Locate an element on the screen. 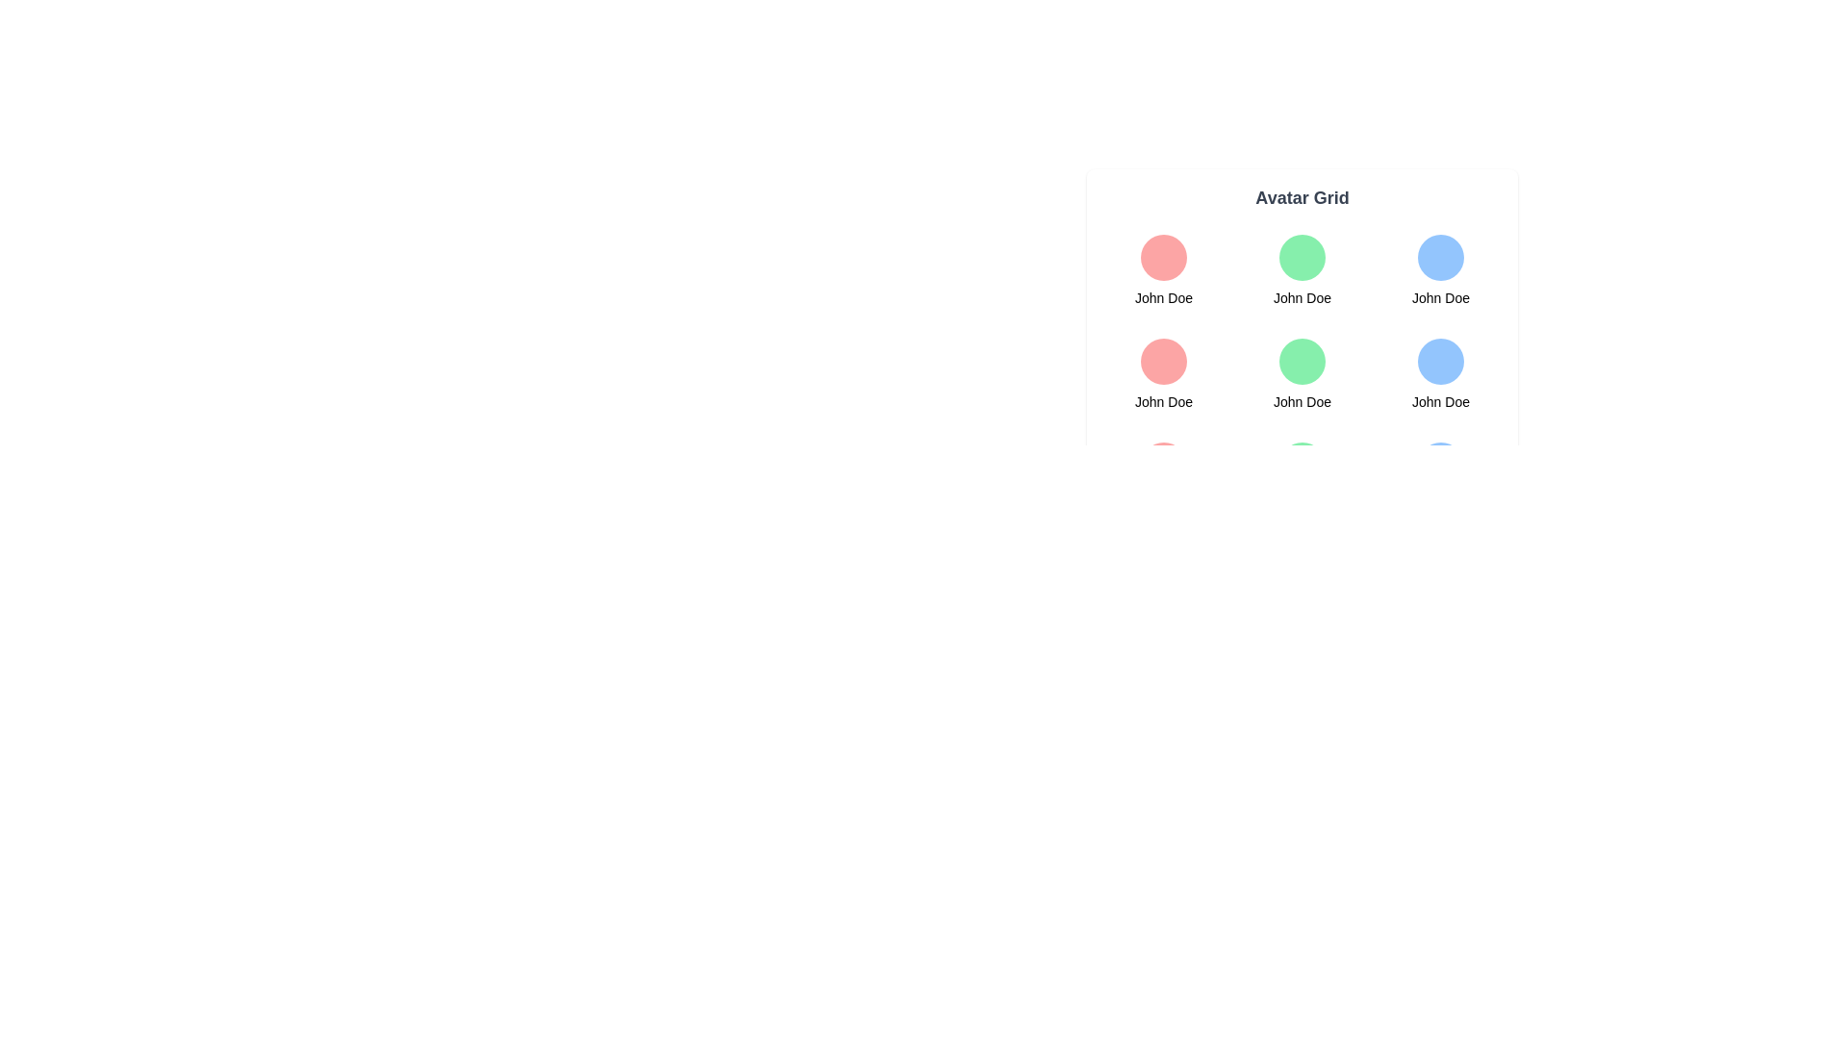 This screenshot has height=1039, width=1847. the Avatar Card representing 'John Doe', which is the first avatar card in a 3-column grid layout is located at coordinates (1162, 270).